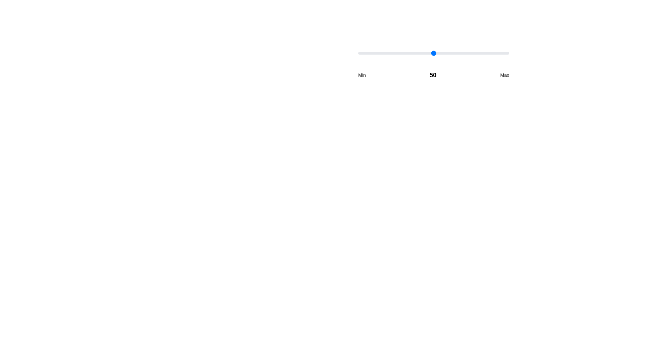  I want to click on the slider, so click(462, 53).